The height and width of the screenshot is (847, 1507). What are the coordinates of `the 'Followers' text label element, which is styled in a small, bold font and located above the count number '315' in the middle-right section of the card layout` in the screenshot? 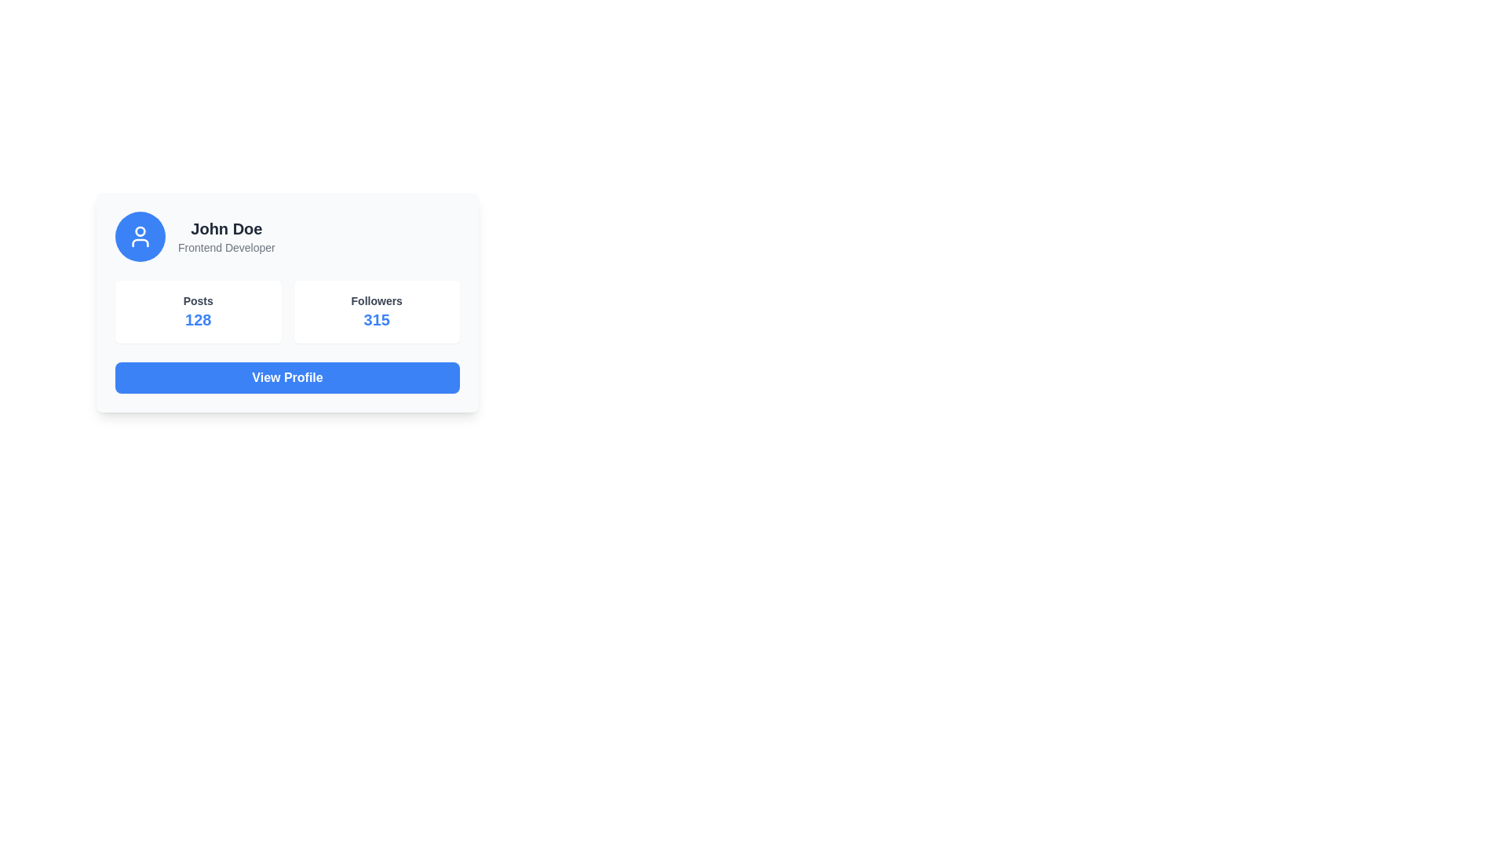 It's located at (377, 301).